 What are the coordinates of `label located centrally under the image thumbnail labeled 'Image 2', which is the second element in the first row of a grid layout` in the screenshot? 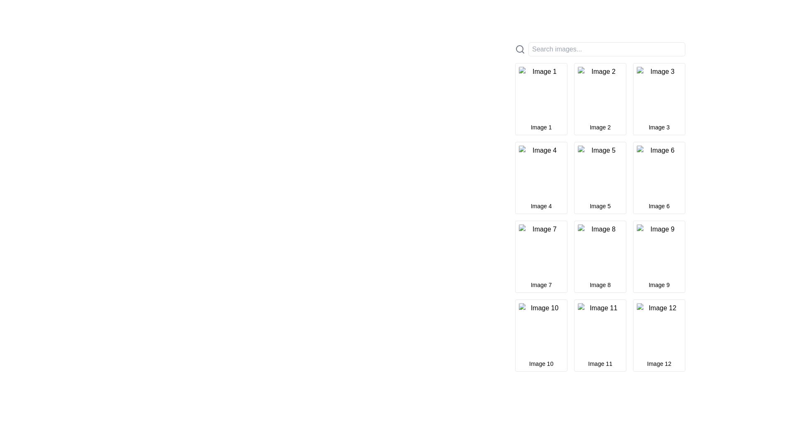 It's located at (600, 127).